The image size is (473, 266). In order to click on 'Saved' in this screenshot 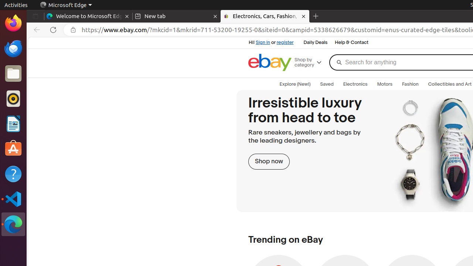, I will do `click(326, 84)`.